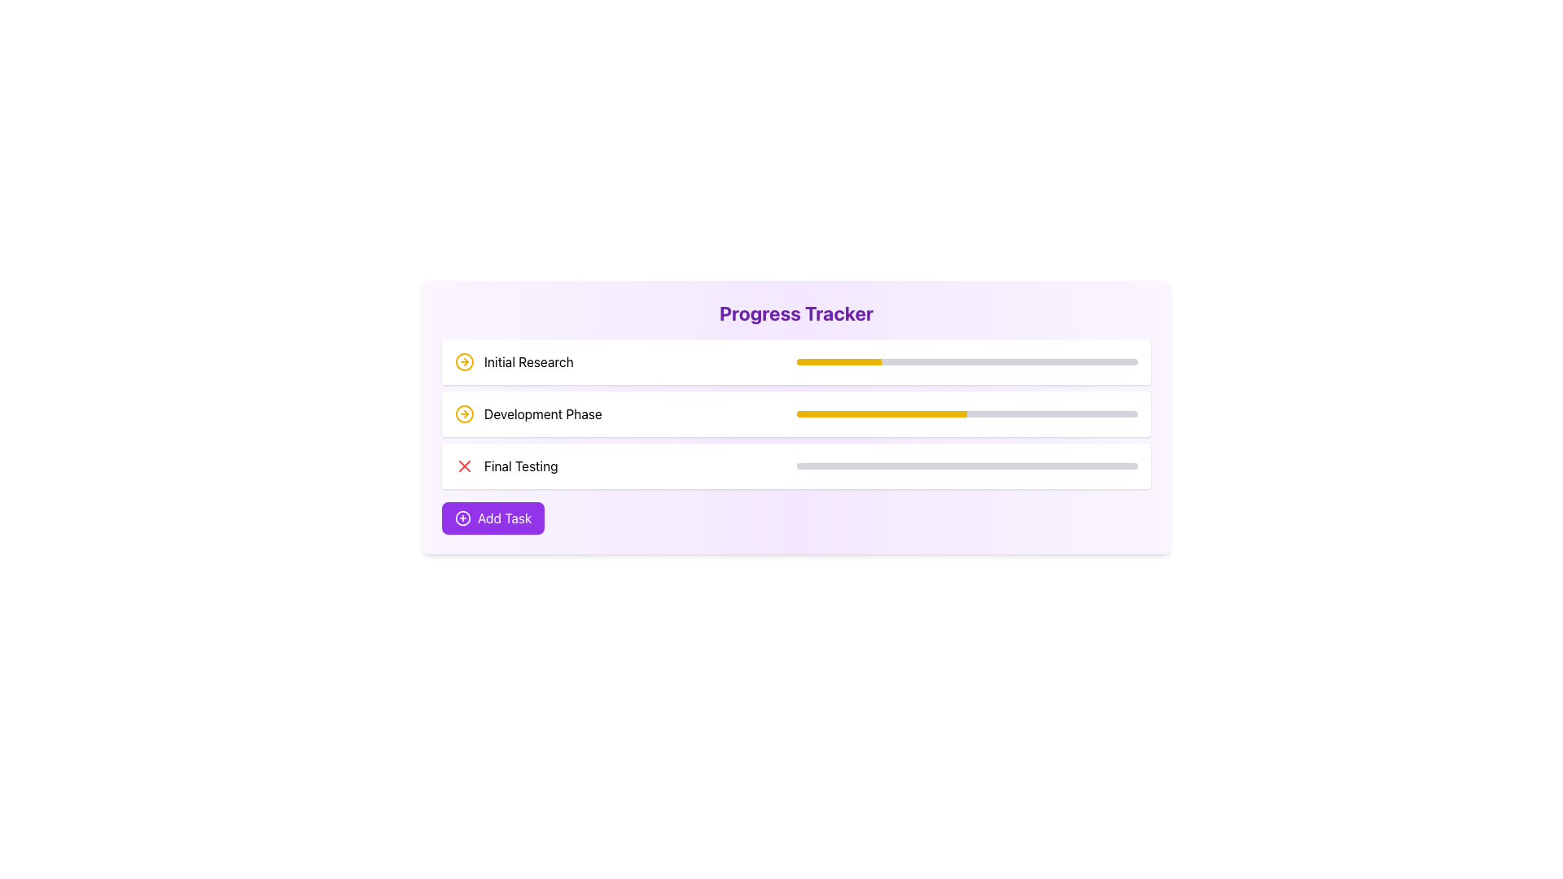 This screenshot has height=879, width=1563. Describe the element at coordinates (464, 466) in the screenshot. I see `the red 'X' icon element that signifies a delete action, located to the left of the text 'Final Testing'` at that location.